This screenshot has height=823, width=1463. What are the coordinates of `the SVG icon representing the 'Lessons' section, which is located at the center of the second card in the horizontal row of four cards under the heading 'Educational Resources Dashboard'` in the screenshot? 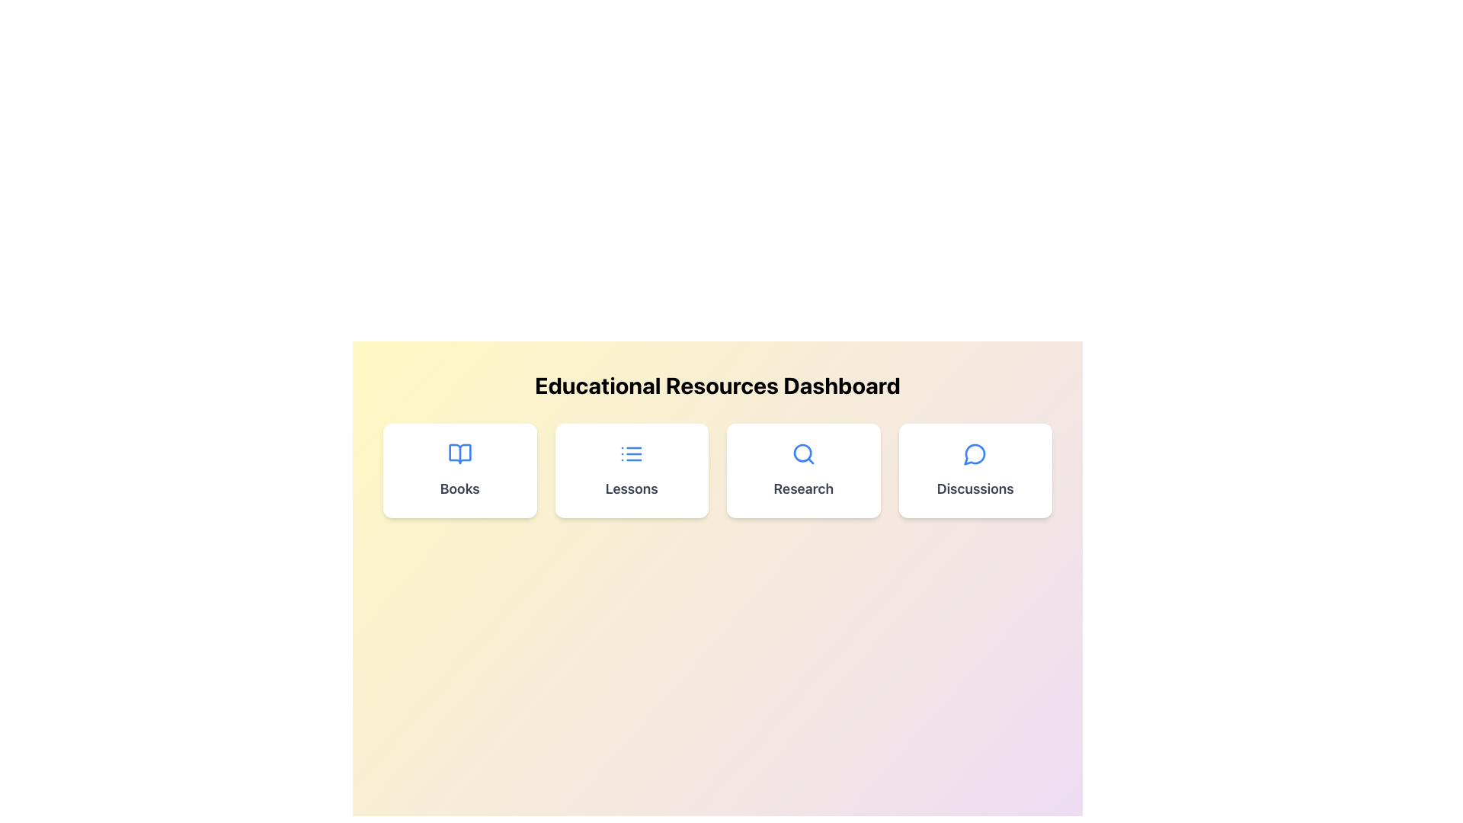 It's located at (632, 453).